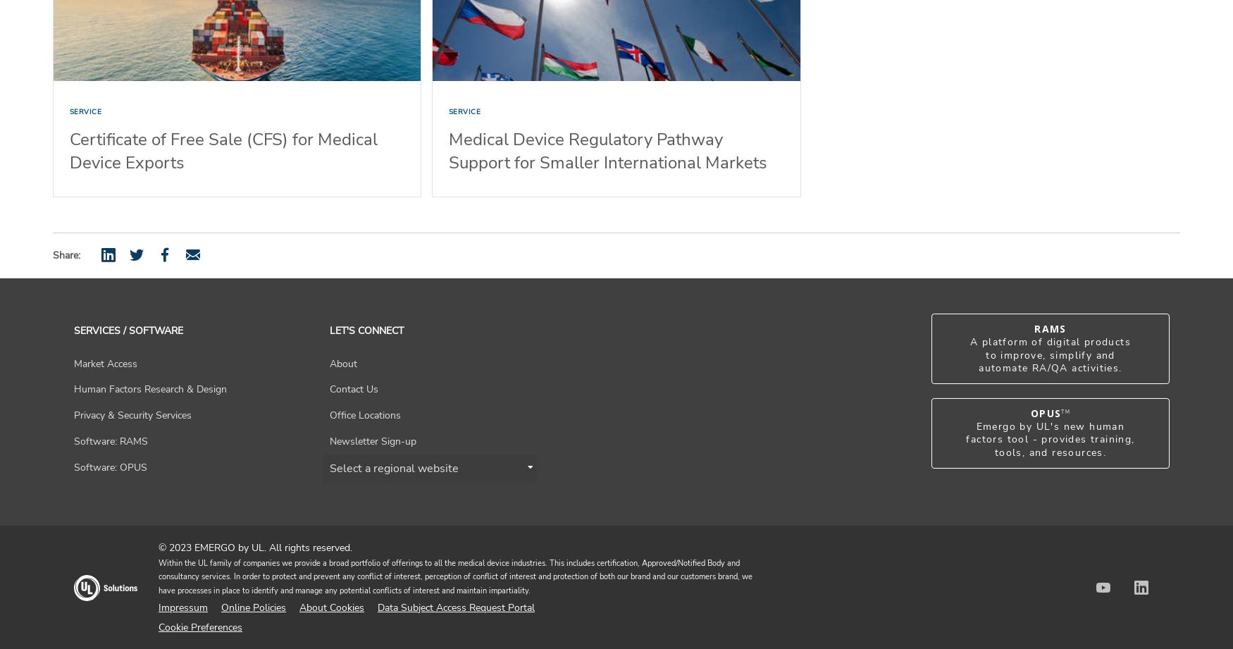 This screenshot has width=1233, height=649. What do you see at coordinates (1051, 354) in the screenshot?
I see `'A platform of digital products to improve, simplify and automate RA/QA activities.'` at bounding box center [1051, 354].